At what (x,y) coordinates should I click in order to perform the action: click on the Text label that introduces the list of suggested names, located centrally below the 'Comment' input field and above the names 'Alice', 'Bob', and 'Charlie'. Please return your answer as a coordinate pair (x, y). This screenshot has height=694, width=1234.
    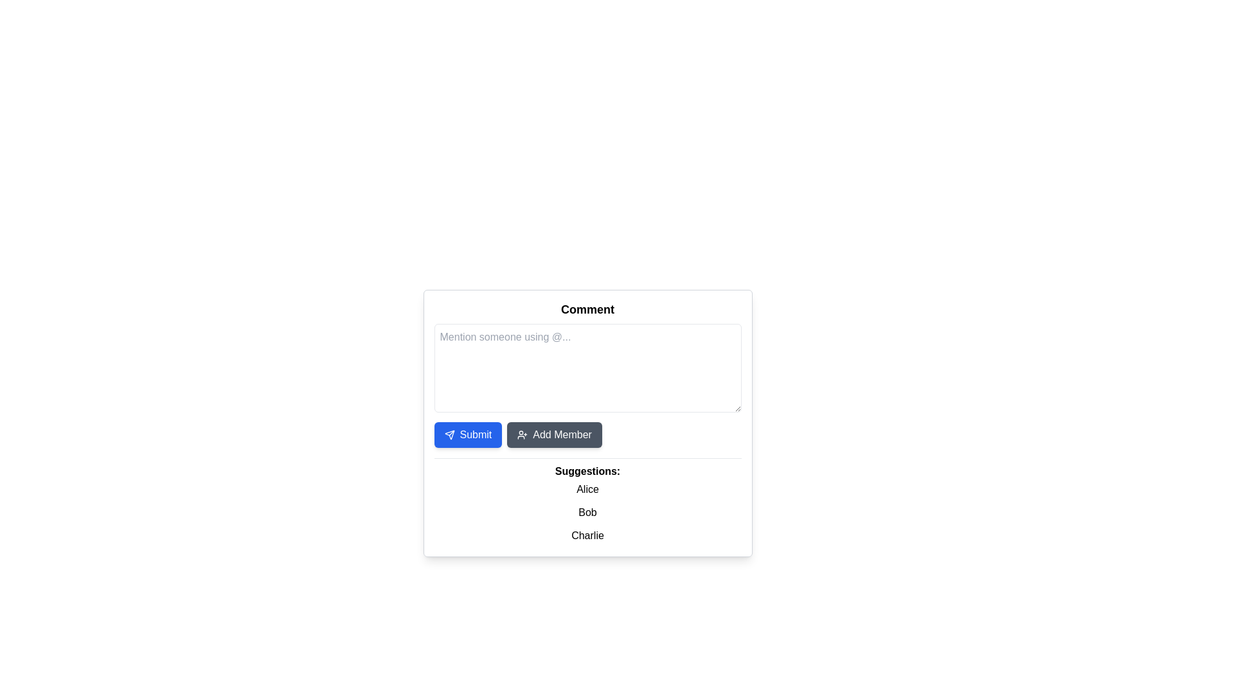
    Looking at the image, I should click on (587, 471).